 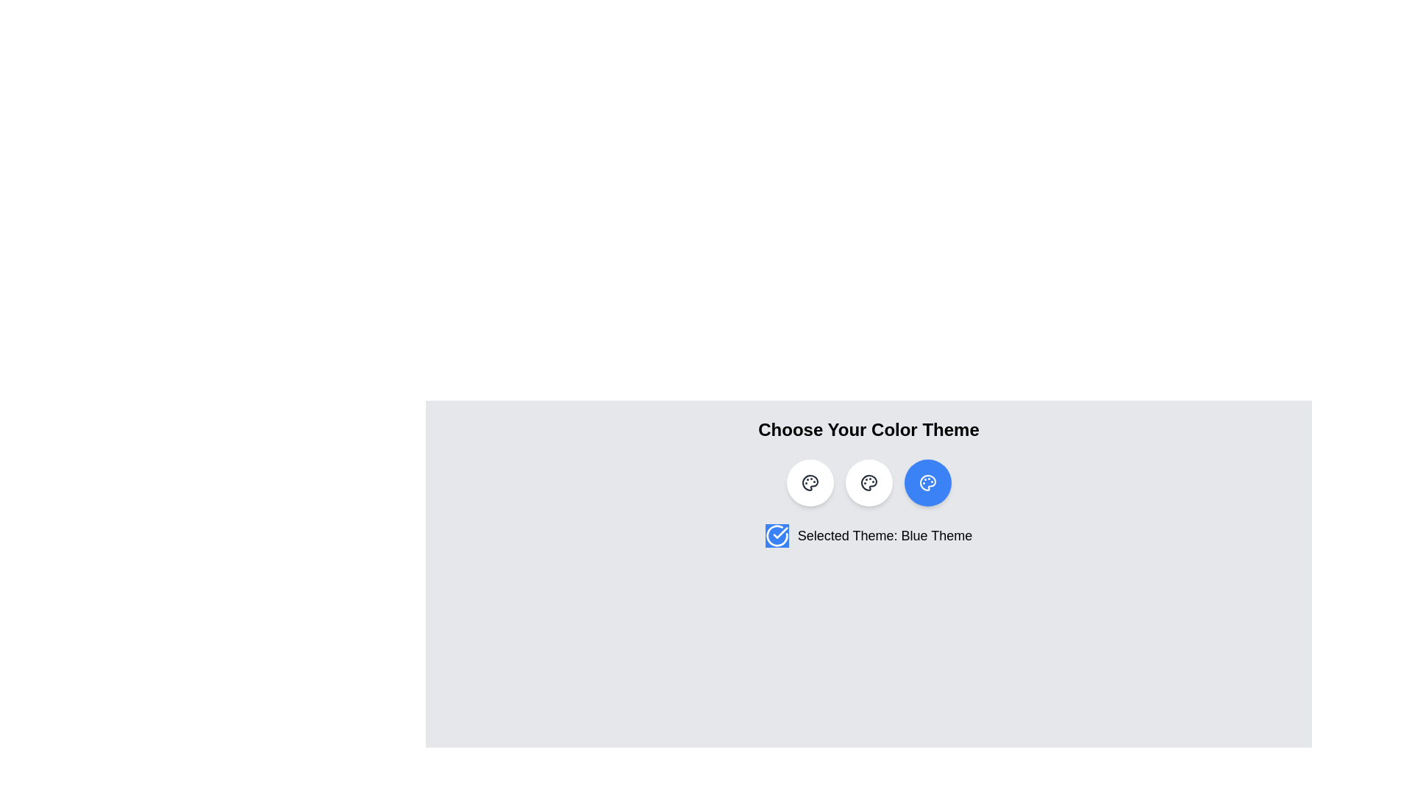 I want to click on the color theme green by clicking on the corresponding button, so click(x=869, y=482).